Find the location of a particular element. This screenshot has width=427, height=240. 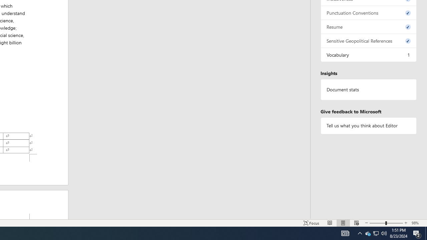

'Resume, 0 issues. Press space or enter to review items.' is located at coordinates (368, 26).